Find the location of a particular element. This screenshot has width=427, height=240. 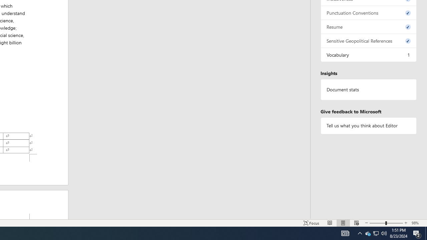

'Resume, 0 issues. Press space or enter to review items.' is located at coordinates (368, 26).